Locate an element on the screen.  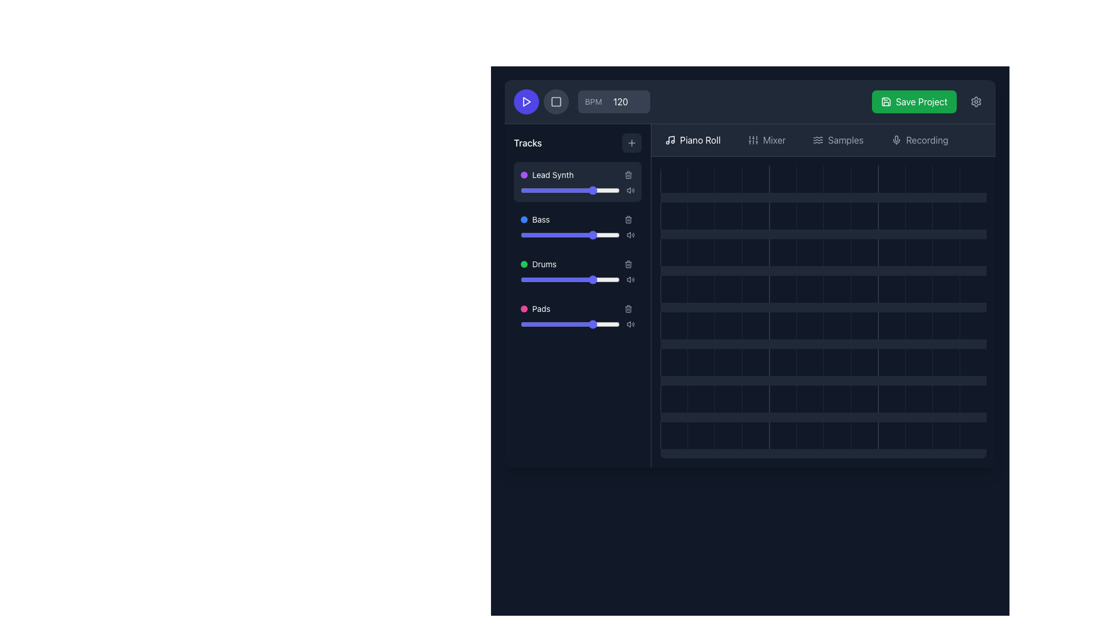
the grid cell located in the fourth column of the second row of the grid interface is located at coordinates (891, 216).